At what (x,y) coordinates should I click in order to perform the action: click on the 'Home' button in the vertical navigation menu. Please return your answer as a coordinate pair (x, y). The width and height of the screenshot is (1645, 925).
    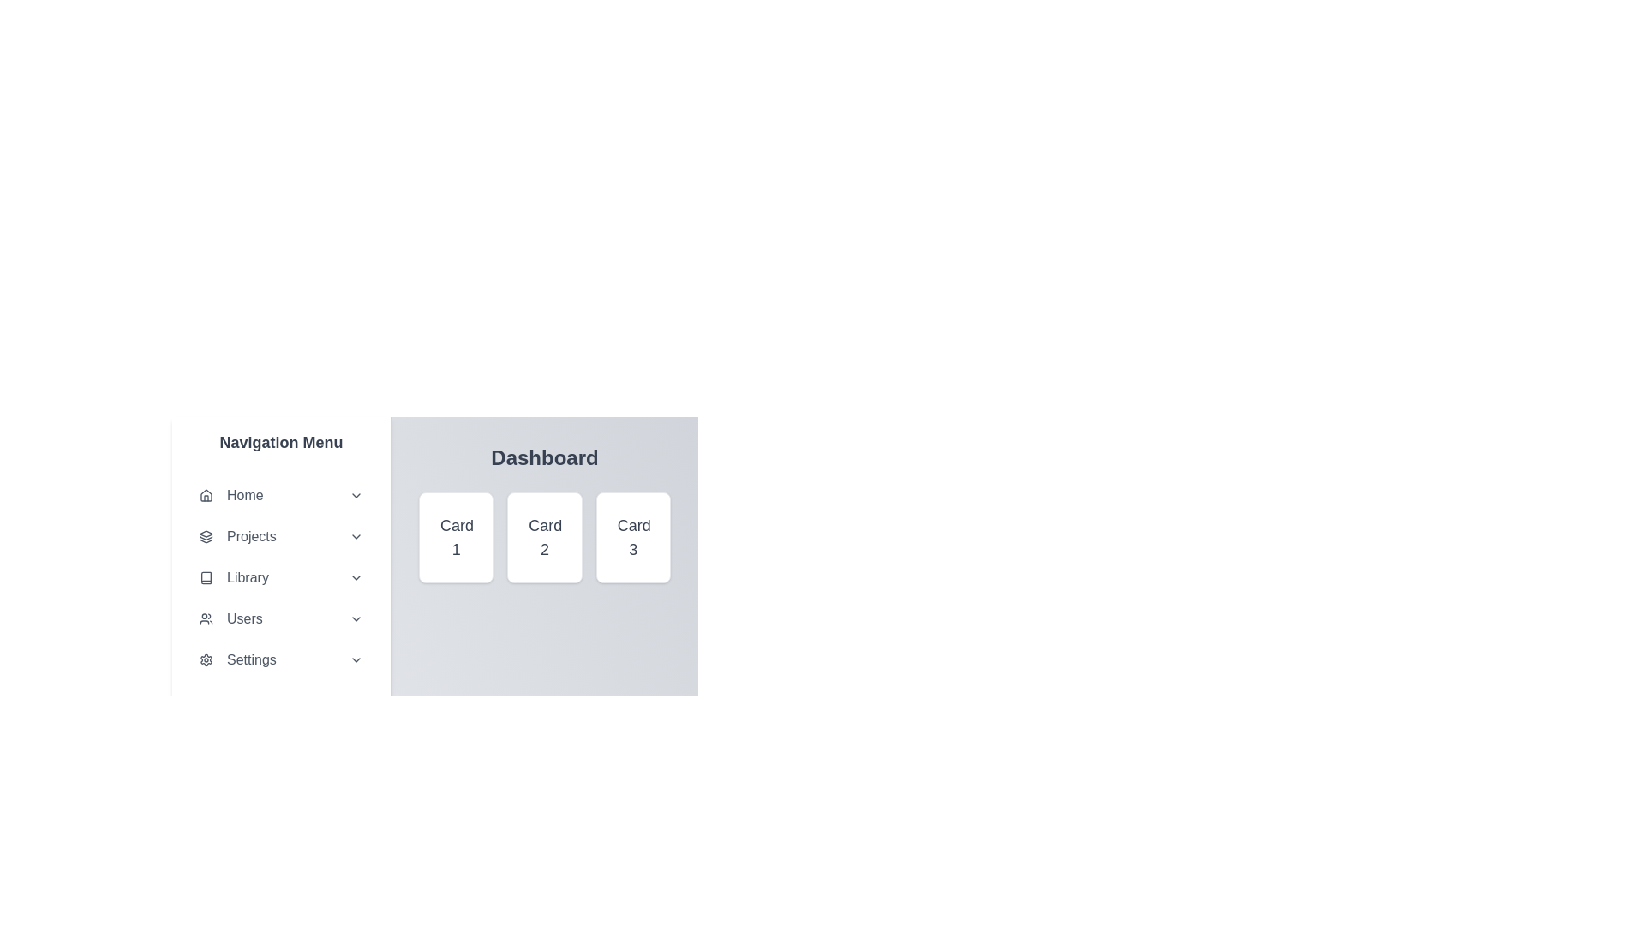
    Looking at the image, I should click on (281, 495).